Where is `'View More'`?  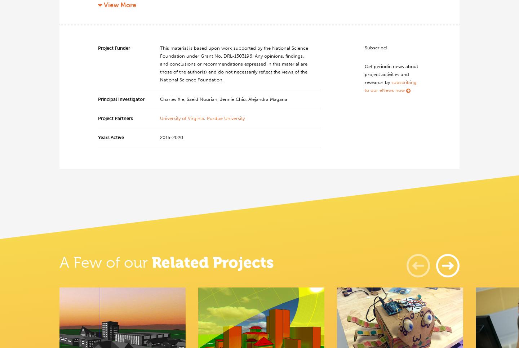 'View More' is located at coordinates (103, 5).